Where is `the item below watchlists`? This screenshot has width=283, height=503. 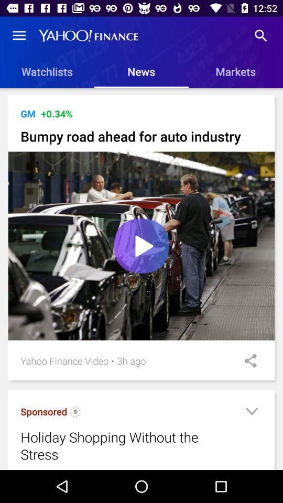 the item below watchlists is located at coordinates (143, 93).